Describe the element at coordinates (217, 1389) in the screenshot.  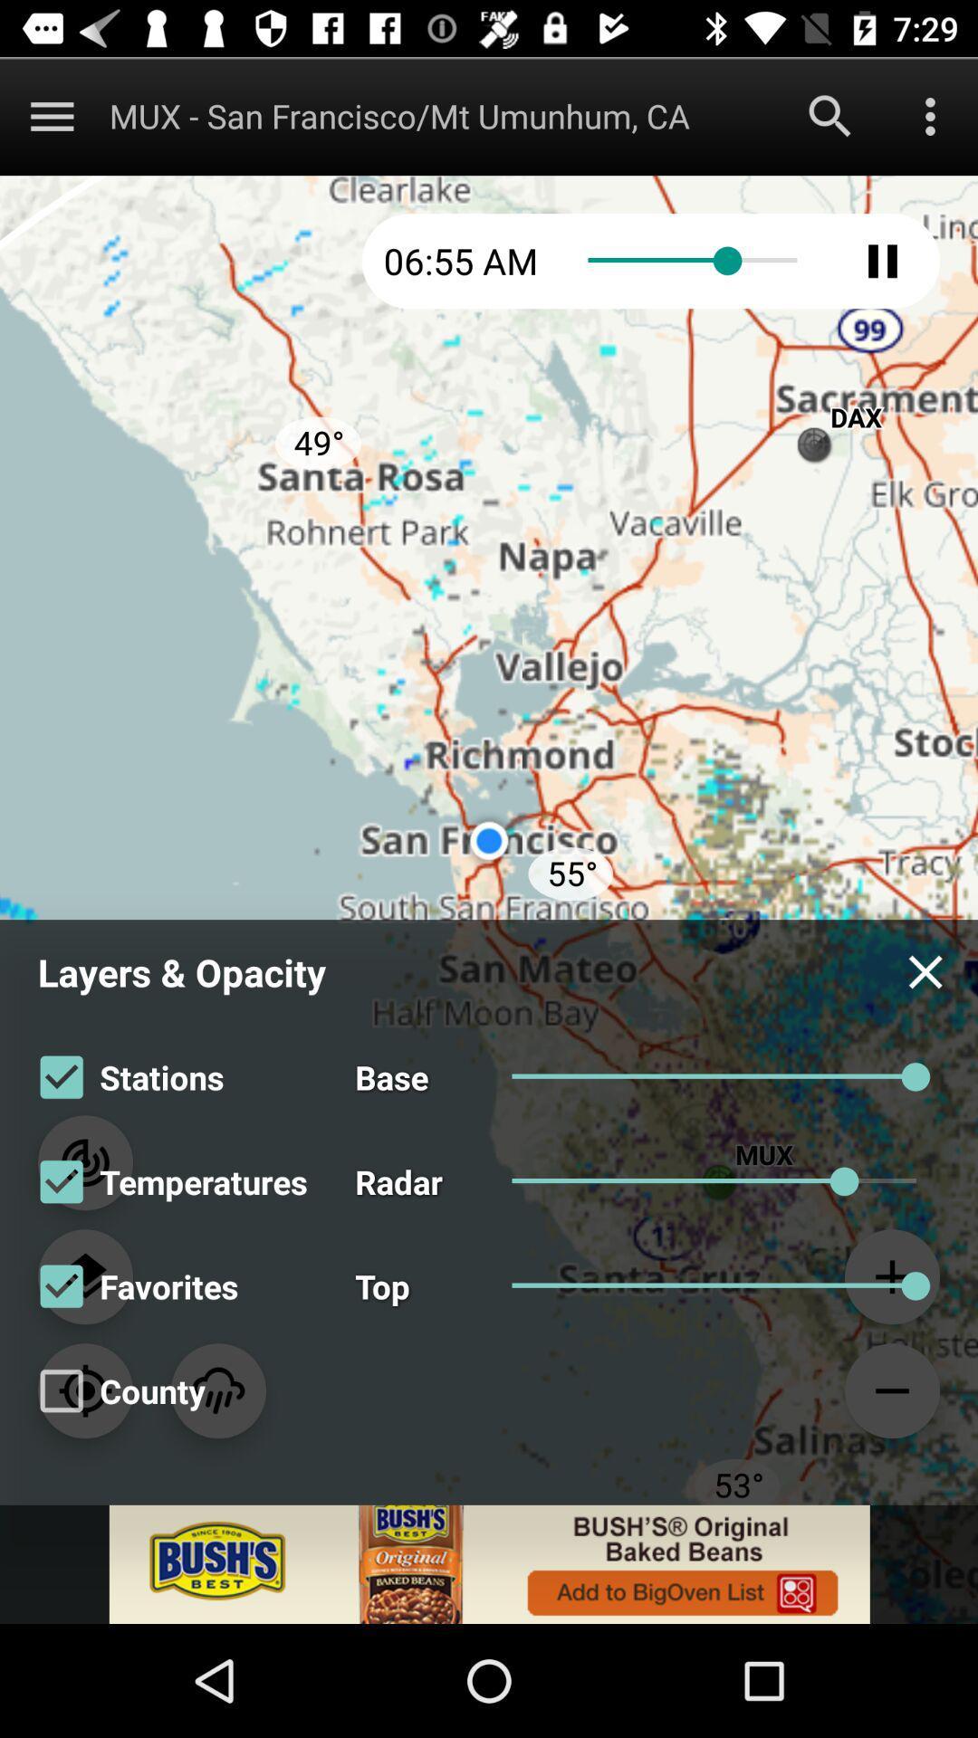
I see `the weather icon` at that location.